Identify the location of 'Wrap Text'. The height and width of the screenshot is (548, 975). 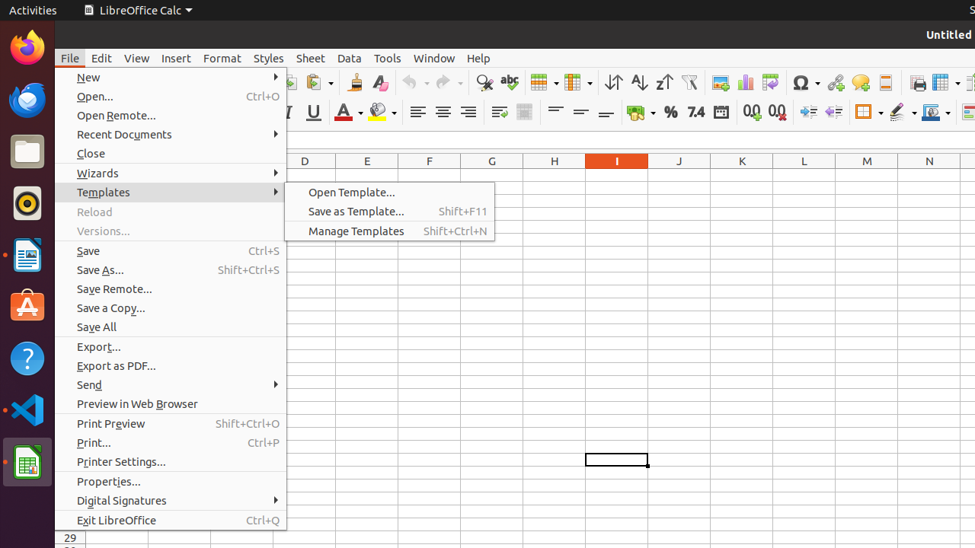
(499, 111).